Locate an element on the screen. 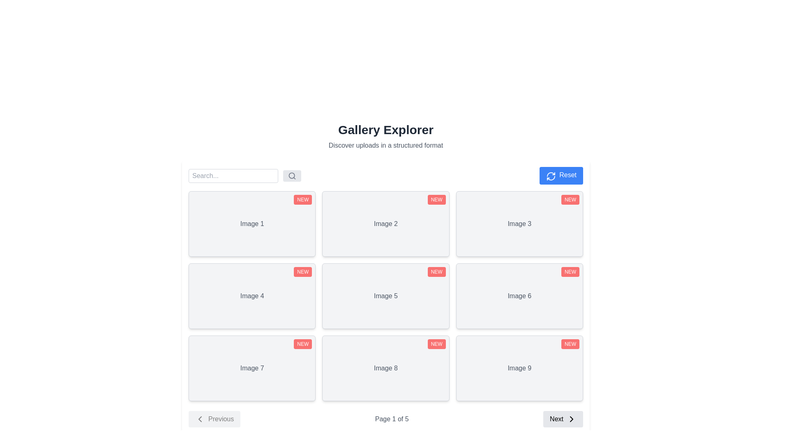 This screenshot has height=443, width=789. the Card component with a light gray background that contains the text 'Image 8' in dark gray and has a red 'NEW' badge in the top-right corner is located at coordinates (385, 368).